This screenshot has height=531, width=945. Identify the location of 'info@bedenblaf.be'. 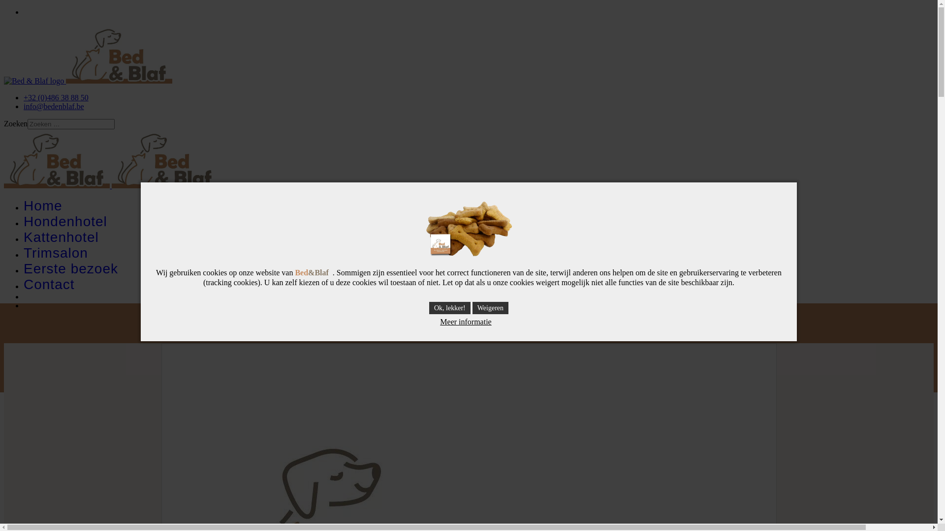
(53, 106).